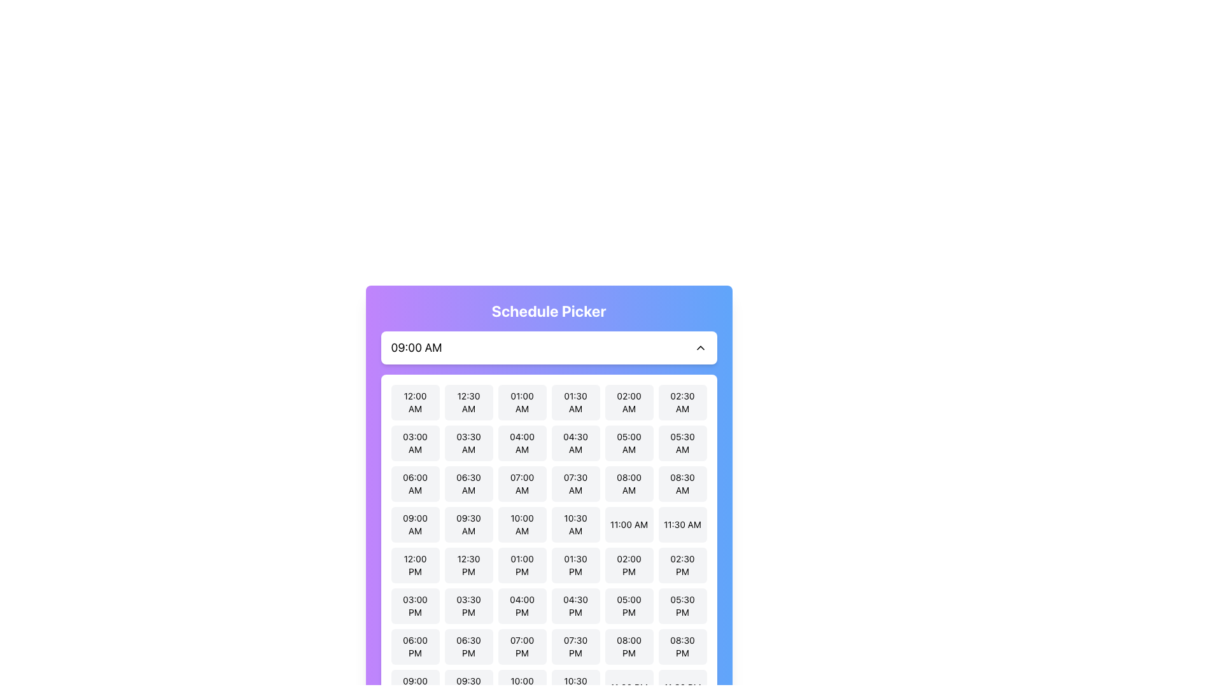 This screenshot has width=1222, height=687. Describe the element at coordinates (468, 402) in the screenshot. I see `the button labeled '12:30 AM' in the Schedule Picker interface` at that location.